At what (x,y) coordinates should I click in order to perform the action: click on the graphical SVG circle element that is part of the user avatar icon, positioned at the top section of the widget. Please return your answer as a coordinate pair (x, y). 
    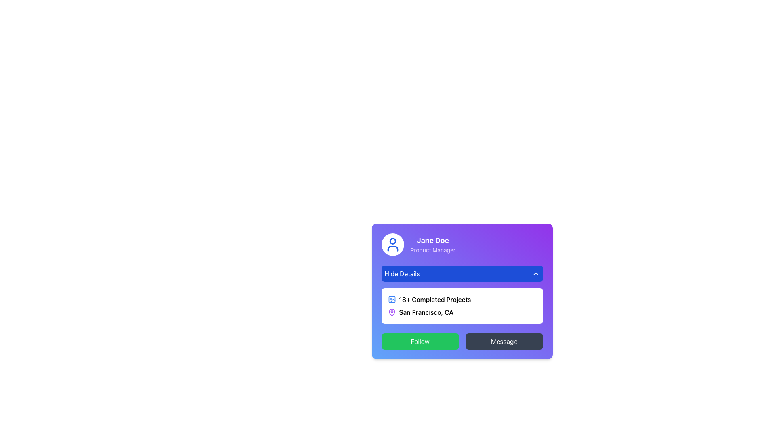
    Looking at the image, I should click on (392, 241).